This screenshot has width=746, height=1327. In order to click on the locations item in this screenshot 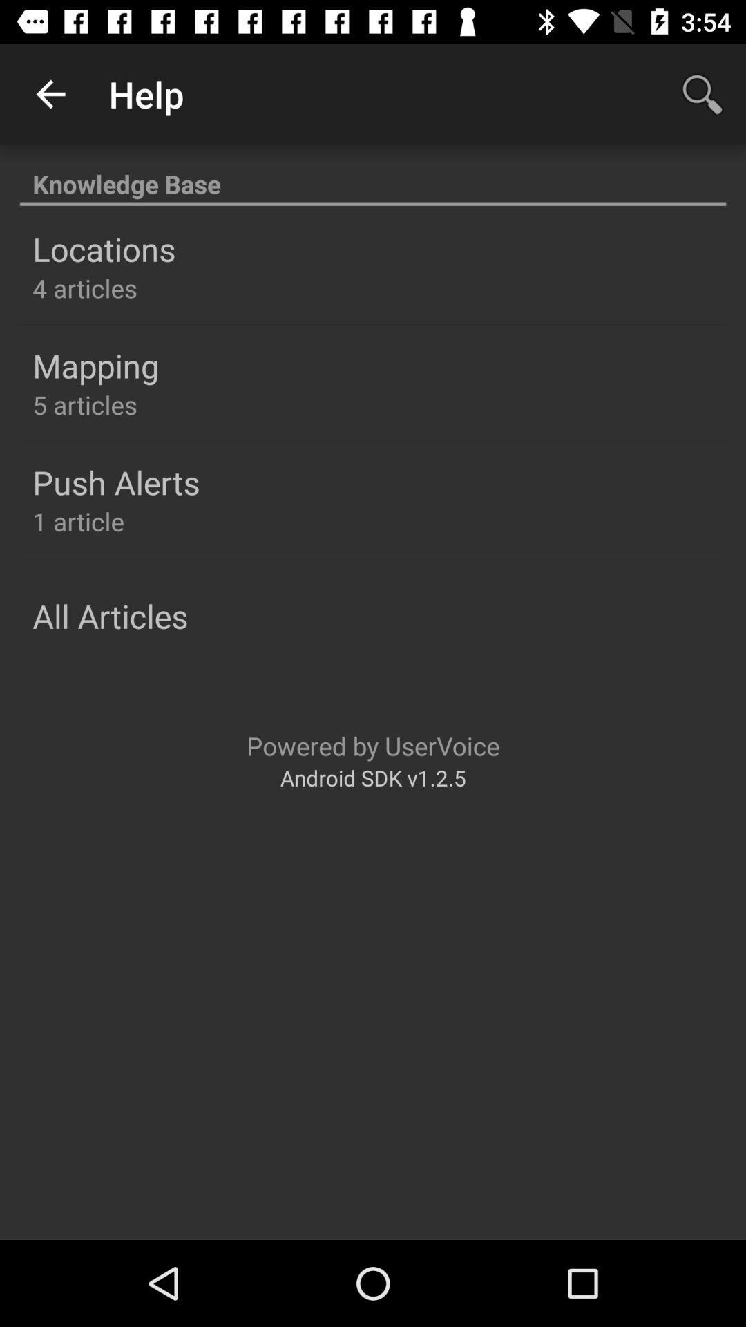, I will do `click(103, 249)`.